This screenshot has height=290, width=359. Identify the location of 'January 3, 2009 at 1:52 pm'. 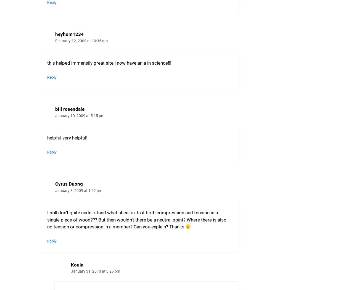
(78, 190).